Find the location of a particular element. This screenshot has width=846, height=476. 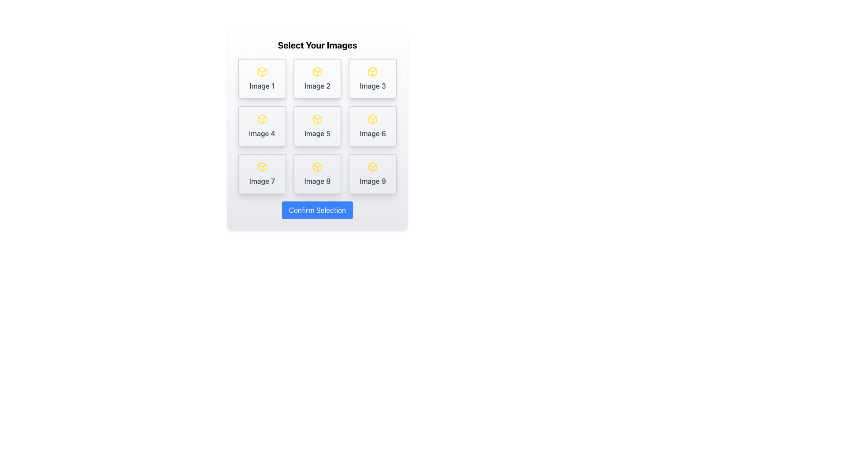

the confirmation button located at the bottom-center of the interface is located at coordinates (317, 210).